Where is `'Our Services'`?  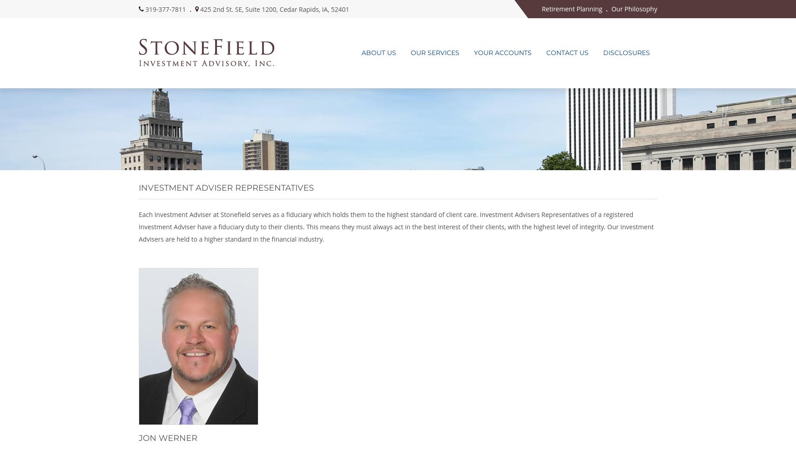 'Our Services' is located at coordinates (435, 52).